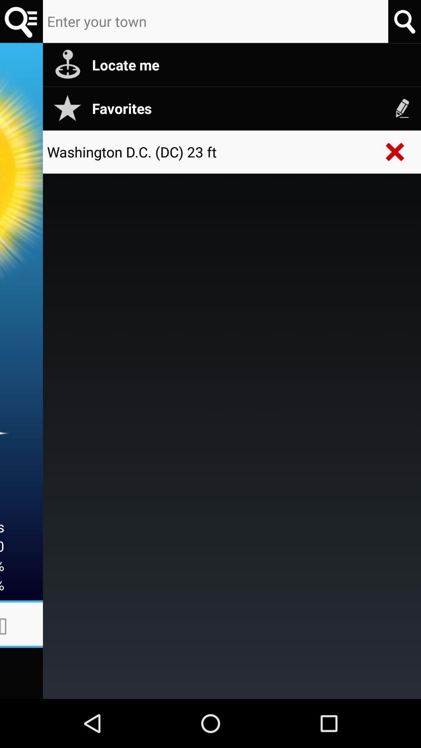  Describe the element at coordinates (21, 23) in the screenshot. I see `the search icon` at that location.